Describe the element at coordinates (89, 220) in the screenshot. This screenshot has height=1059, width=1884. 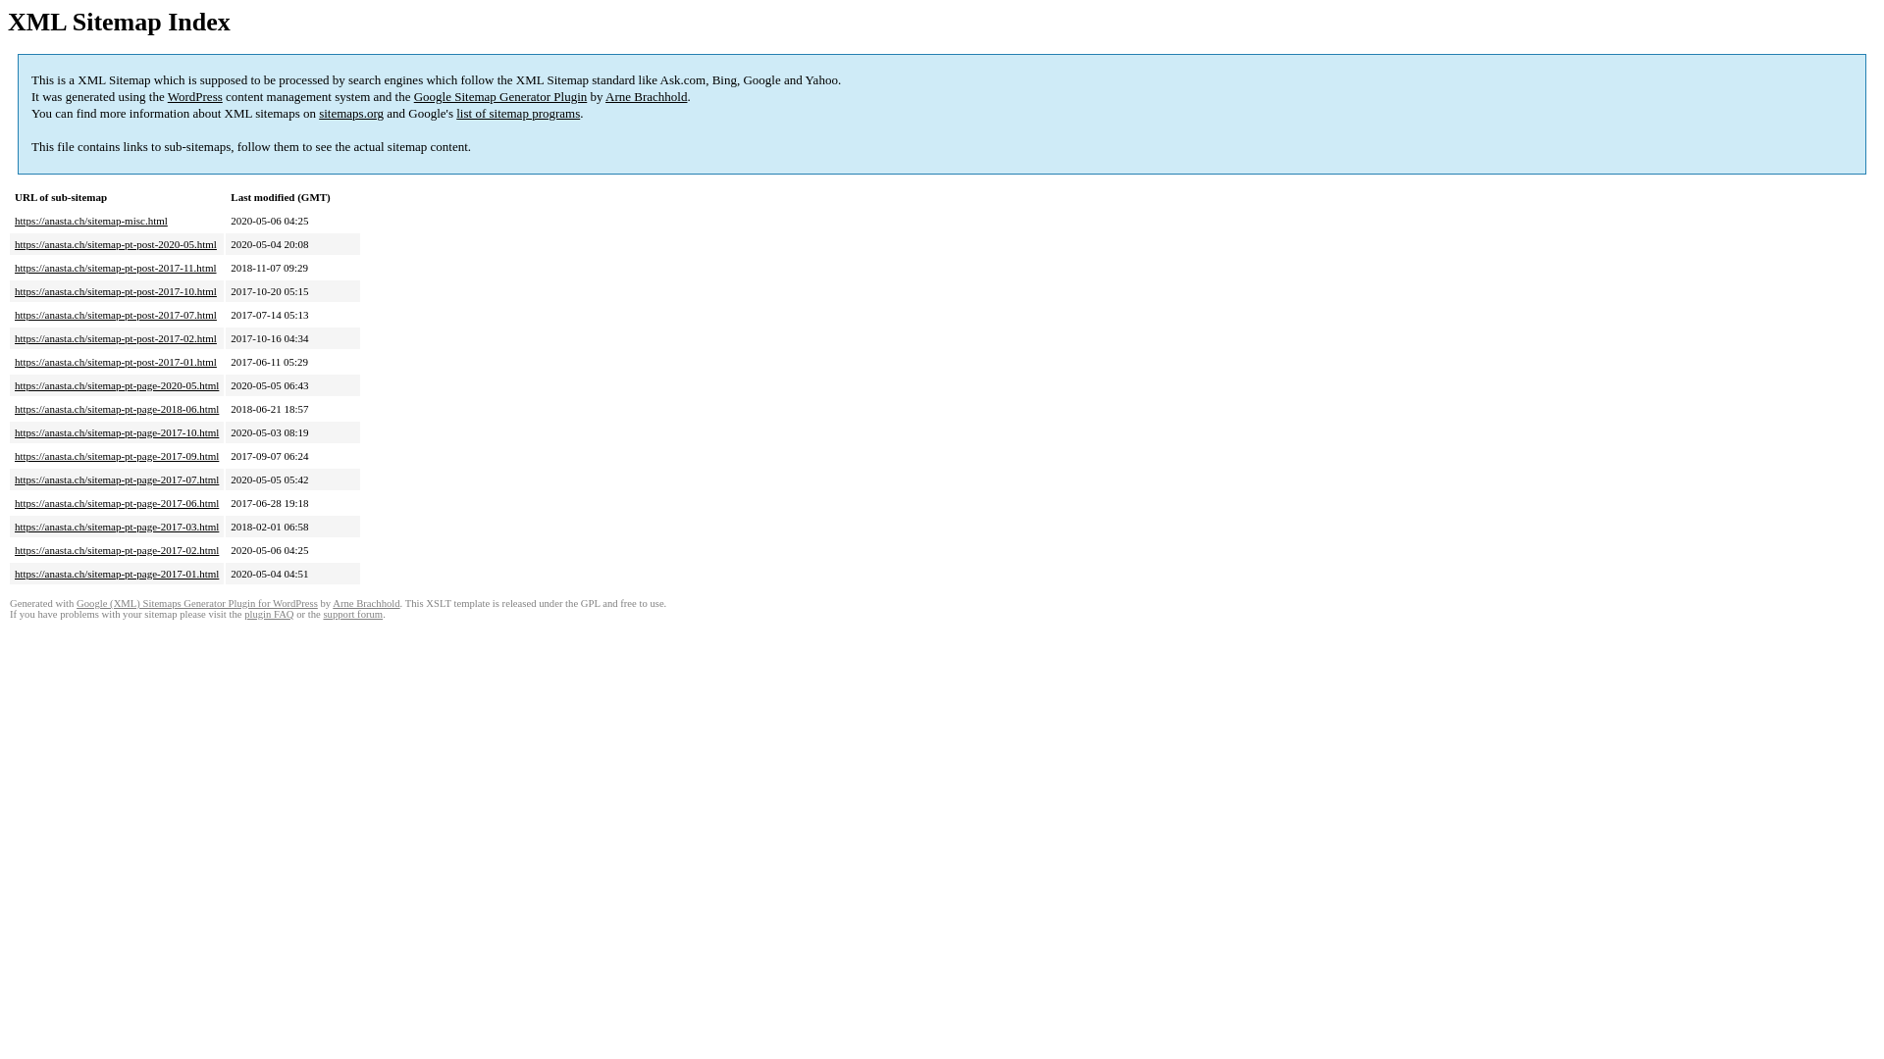
I see `'https://anasta.ch/sitemap-misc.html'` at that location.